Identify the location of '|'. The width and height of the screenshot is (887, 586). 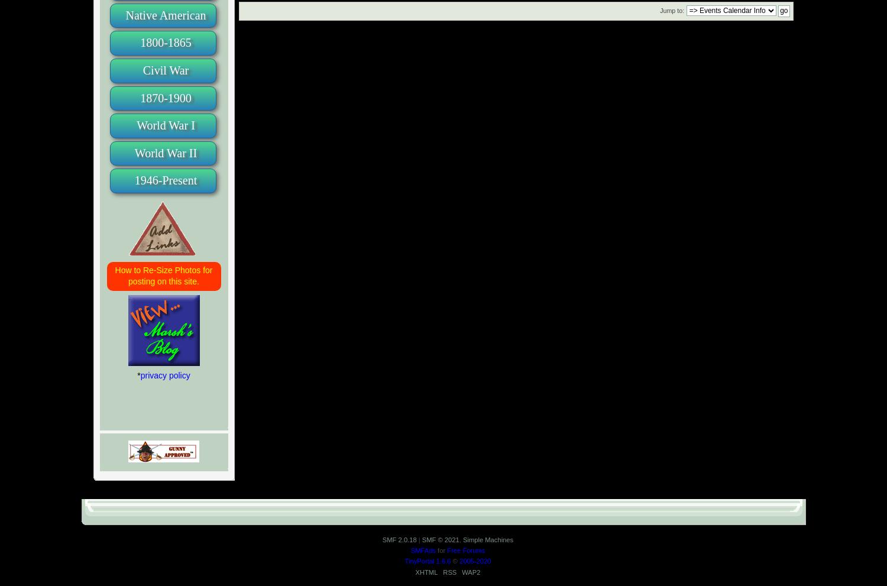
(418, 539).